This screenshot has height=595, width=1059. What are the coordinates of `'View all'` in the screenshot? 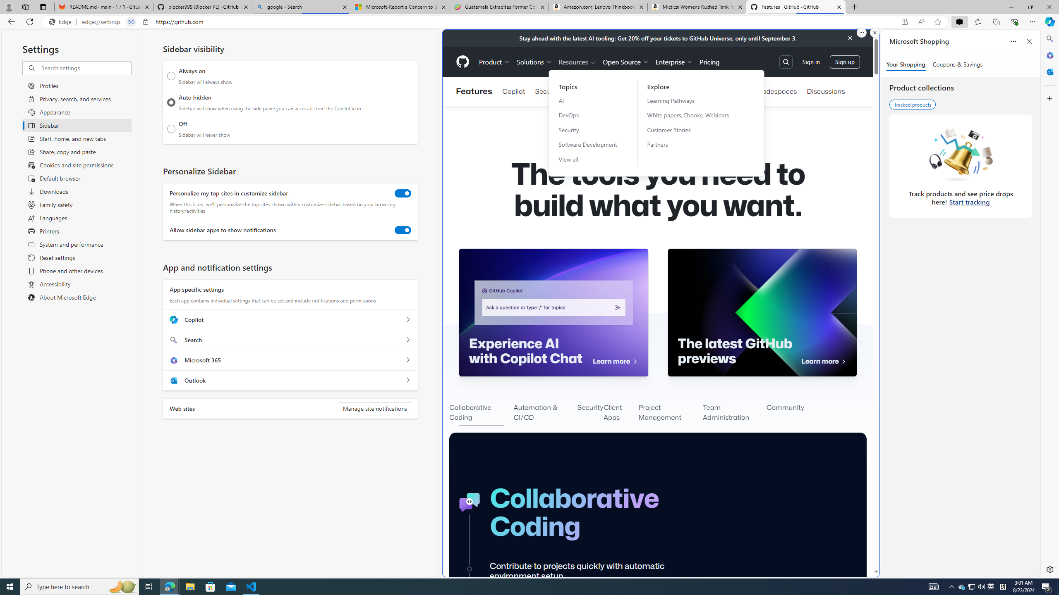 It's located at (587, 159).